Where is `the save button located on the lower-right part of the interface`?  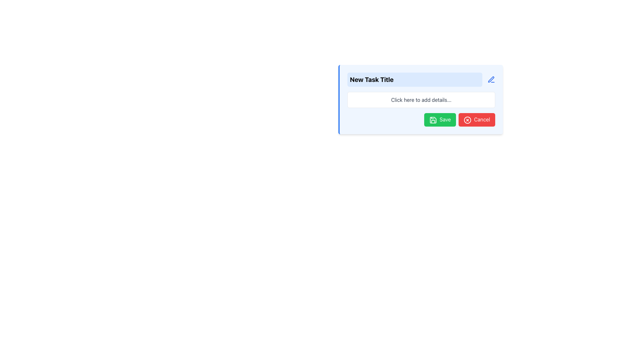
the save button located on the lower-right part of the interface is located at coordinates (440, 120).